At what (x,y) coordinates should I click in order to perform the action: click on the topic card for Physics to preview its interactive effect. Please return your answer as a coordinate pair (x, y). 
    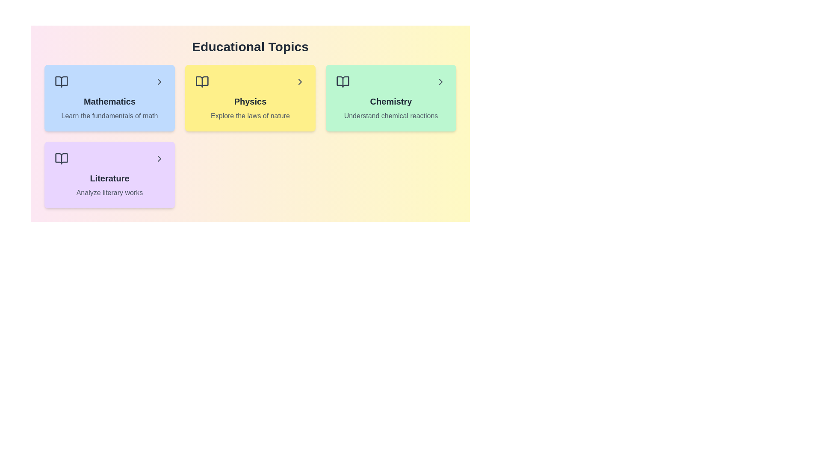
    Looking at the image, I should click on (250, 98).